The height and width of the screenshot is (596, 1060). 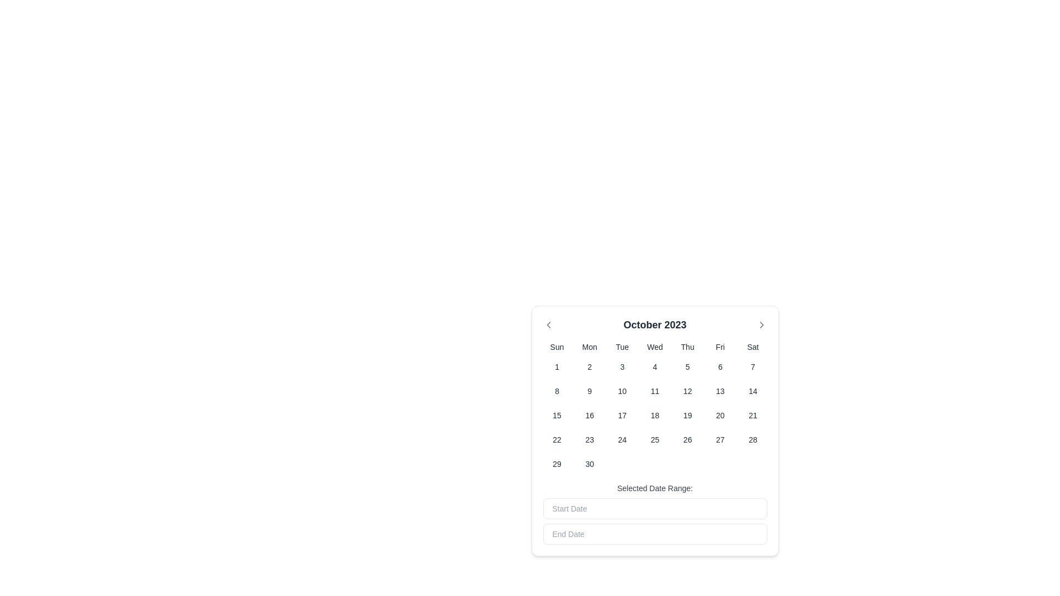 I want to click on the button located at the top left corner of the calendar interface, so click(x=548, y=324).